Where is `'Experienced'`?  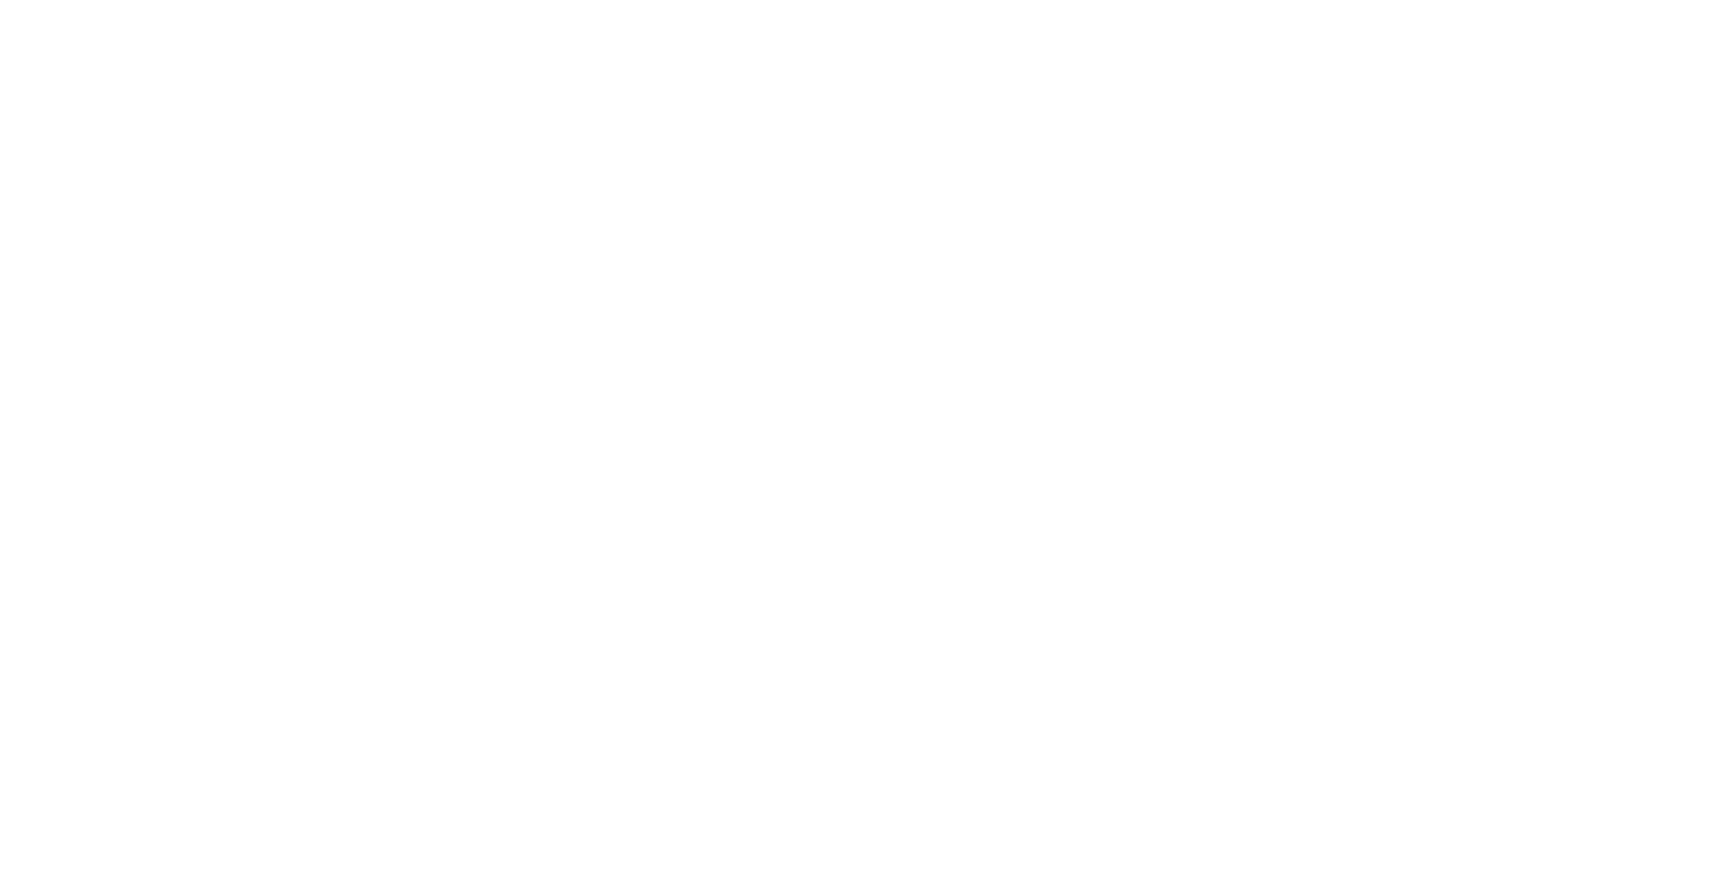
'Experienced' is located at coordinates (173, 303).